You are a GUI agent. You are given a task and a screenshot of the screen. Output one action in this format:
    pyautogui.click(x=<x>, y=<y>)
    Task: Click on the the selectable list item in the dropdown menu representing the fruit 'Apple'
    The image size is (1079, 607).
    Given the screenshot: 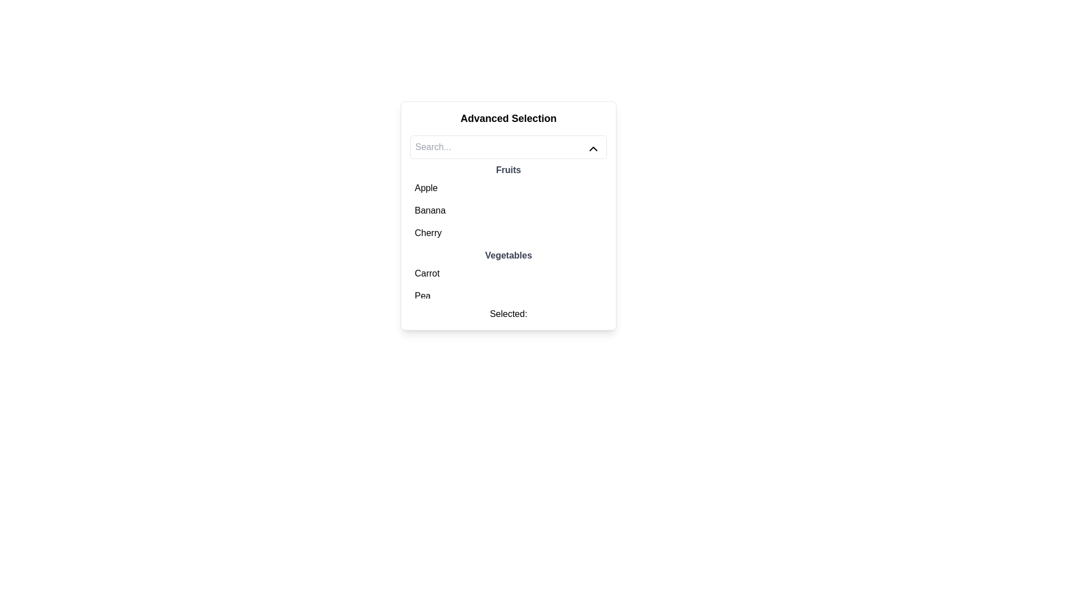 What is the action you would take?
    pyautogui.click(x=425, y=188)
    